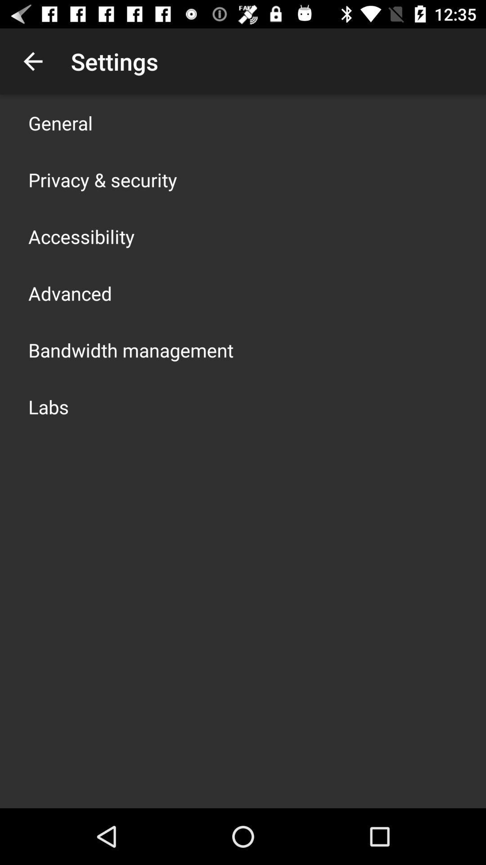 This screenshot has width=486, height=865. I want to click on icon above the privacy & security app, so click(60, 123).